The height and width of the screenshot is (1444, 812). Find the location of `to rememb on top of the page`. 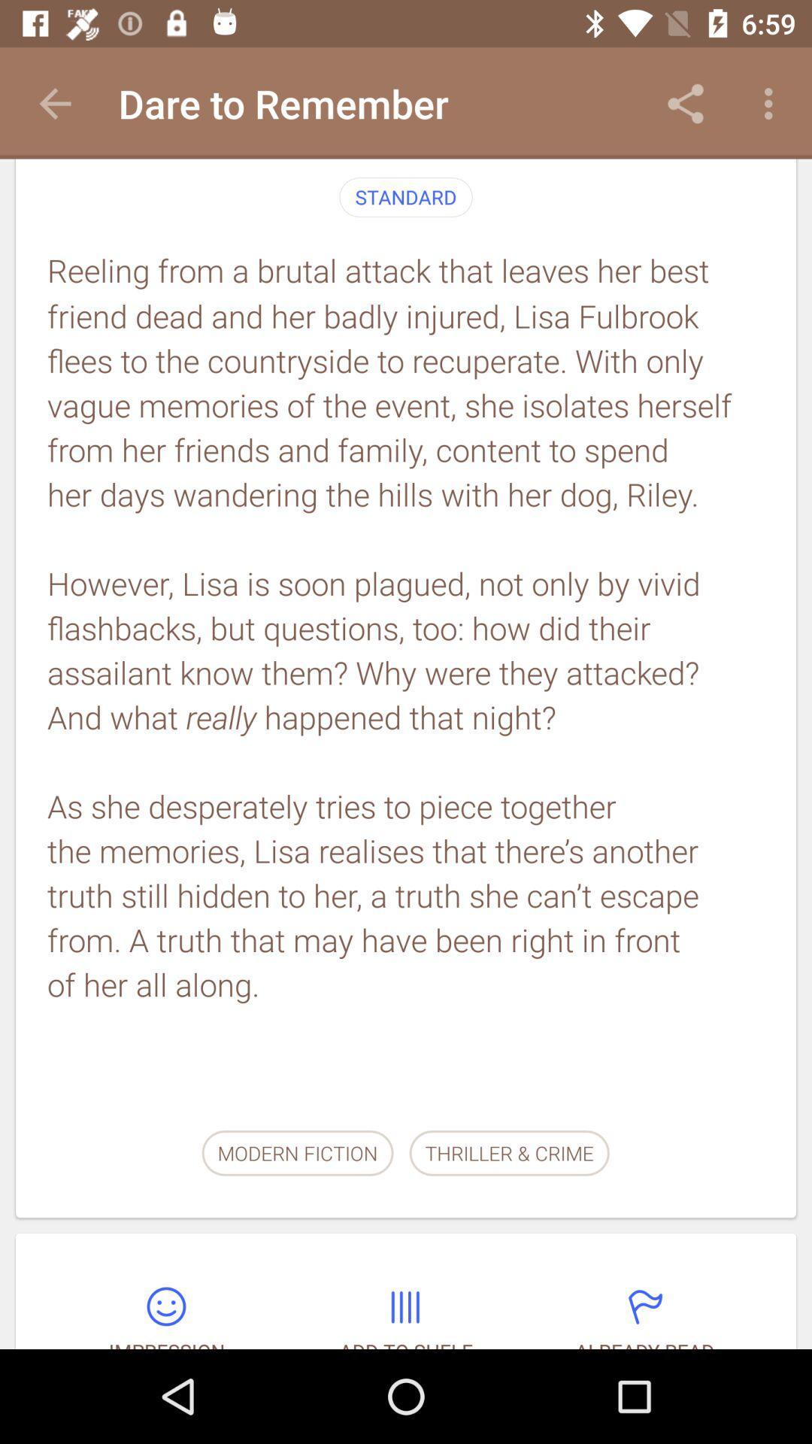

to rememb on top of the page is located at coordinates (304, 92).